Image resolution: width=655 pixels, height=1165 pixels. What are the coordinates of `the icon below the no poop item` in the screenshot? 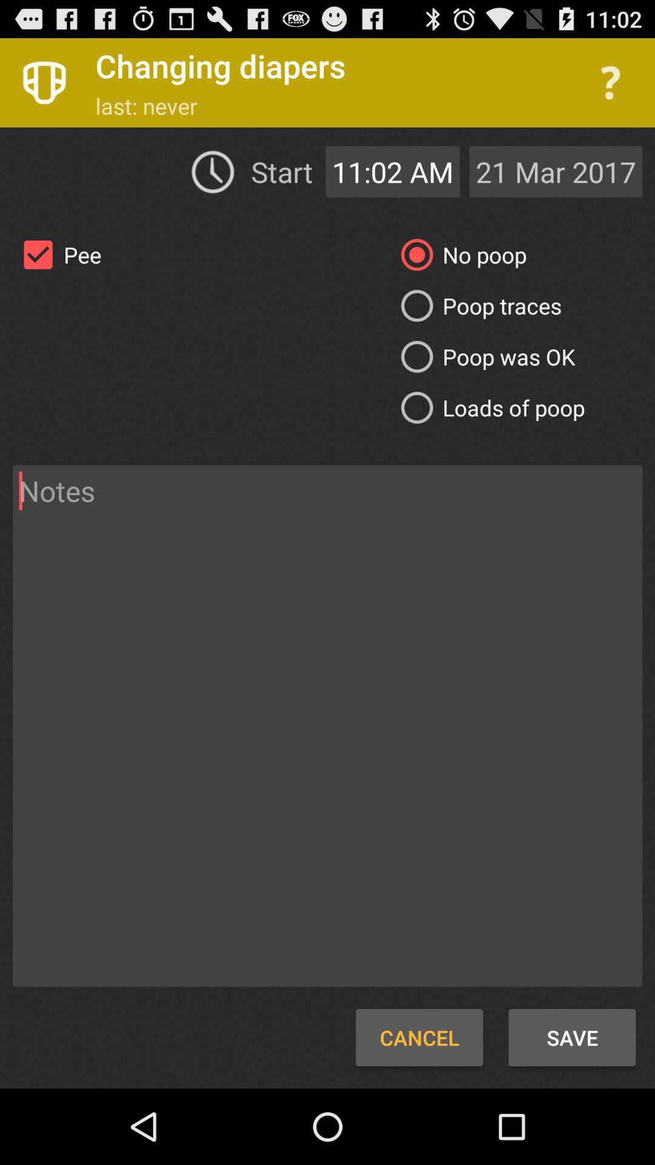 It's located at (476, 306).